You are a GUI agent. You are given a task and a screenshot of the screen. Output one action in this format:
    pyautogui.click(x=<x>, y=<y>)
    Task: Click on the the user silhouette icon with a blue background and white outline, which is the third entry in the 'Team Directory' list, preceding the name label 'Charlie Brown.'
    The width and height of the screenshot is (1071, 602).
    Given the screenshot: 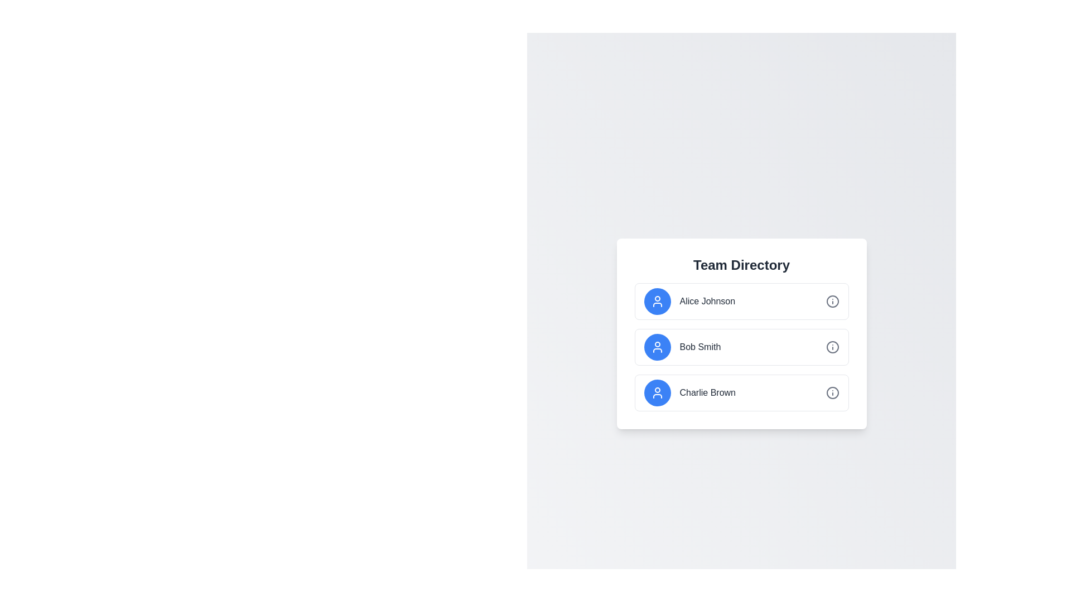 What is the action you would take?
    pyautogui.click(x=657, y=392)
    